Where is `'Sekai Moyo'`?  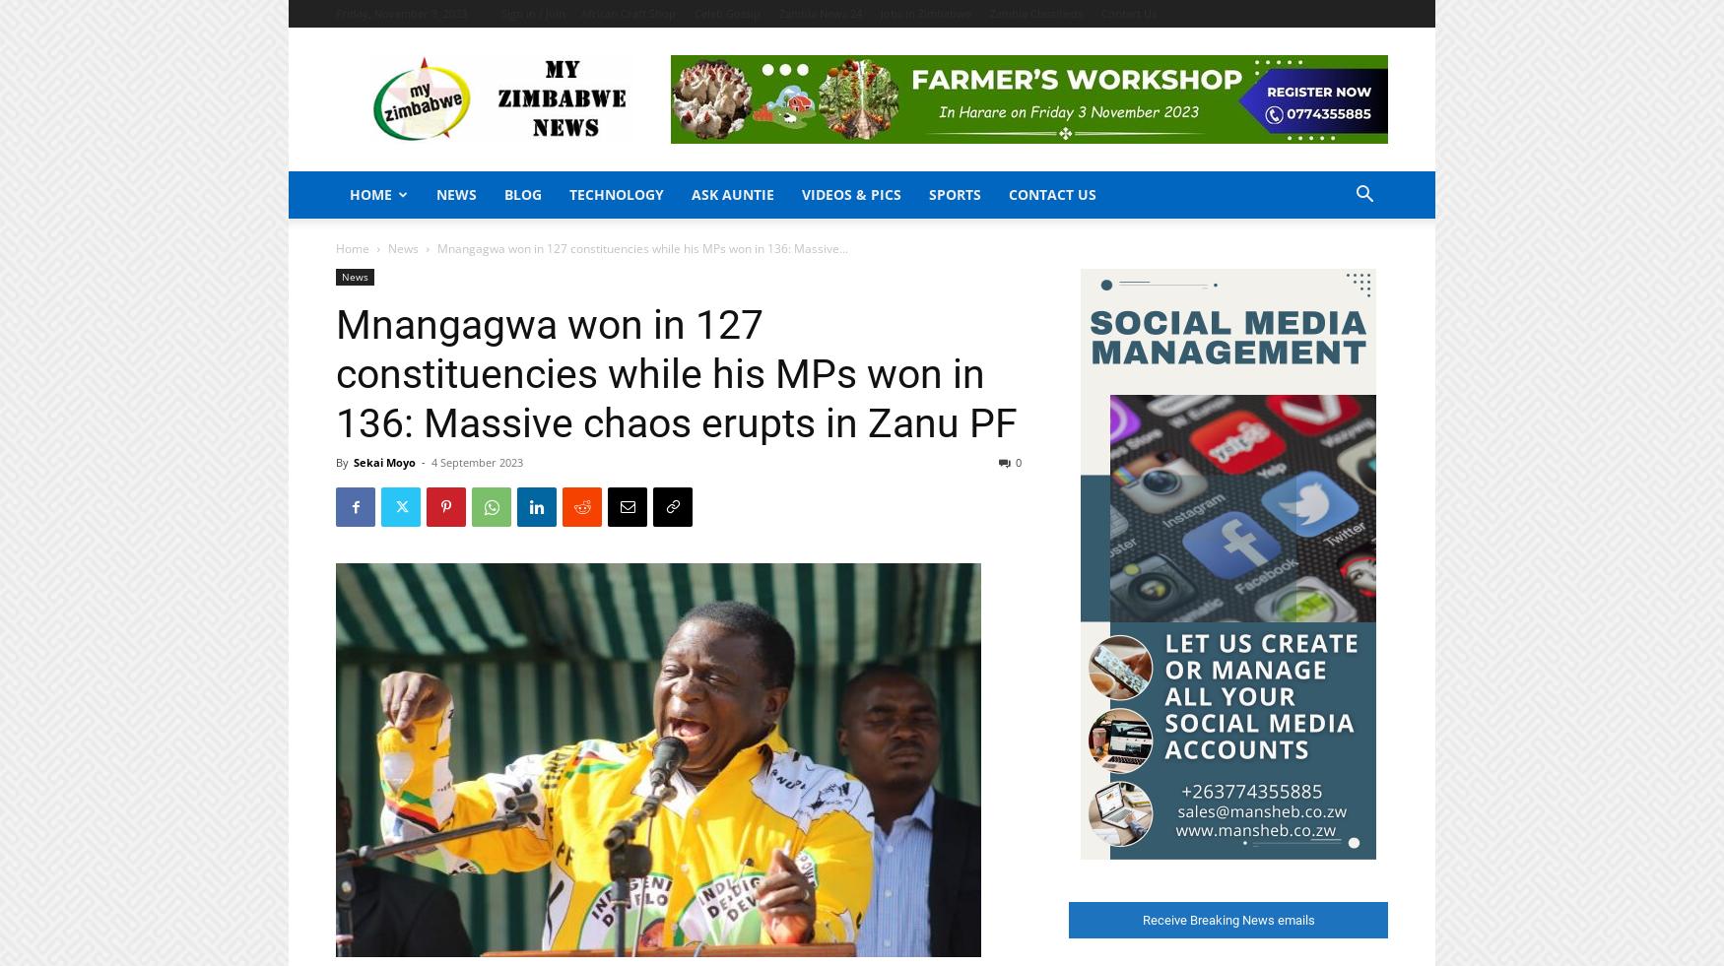
'Sekai Moyo' is located at coordinates (383, 461).